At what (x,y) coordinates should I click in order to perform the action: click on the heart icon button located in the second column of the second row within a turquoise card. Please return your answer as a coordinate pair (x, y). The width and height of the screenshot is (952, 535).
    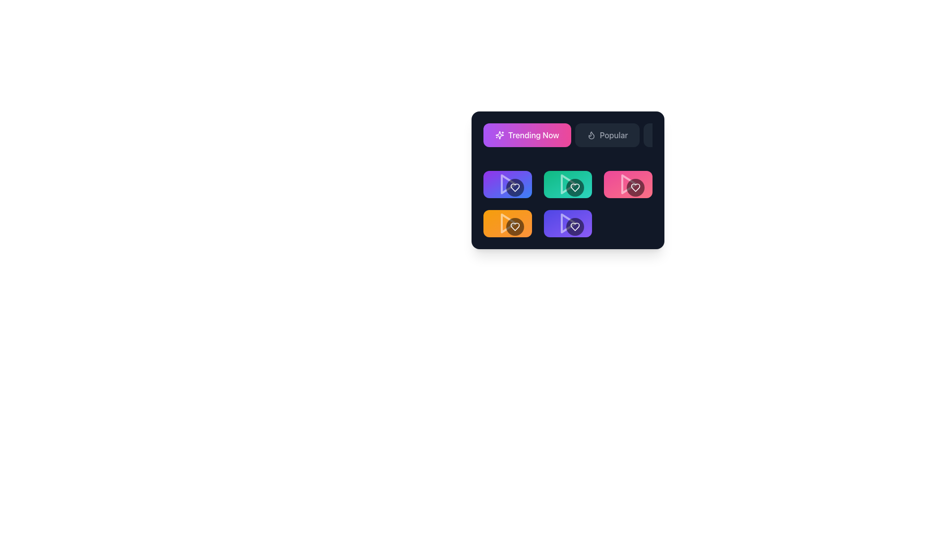
    Looking at the image, I should click on (575, 187).